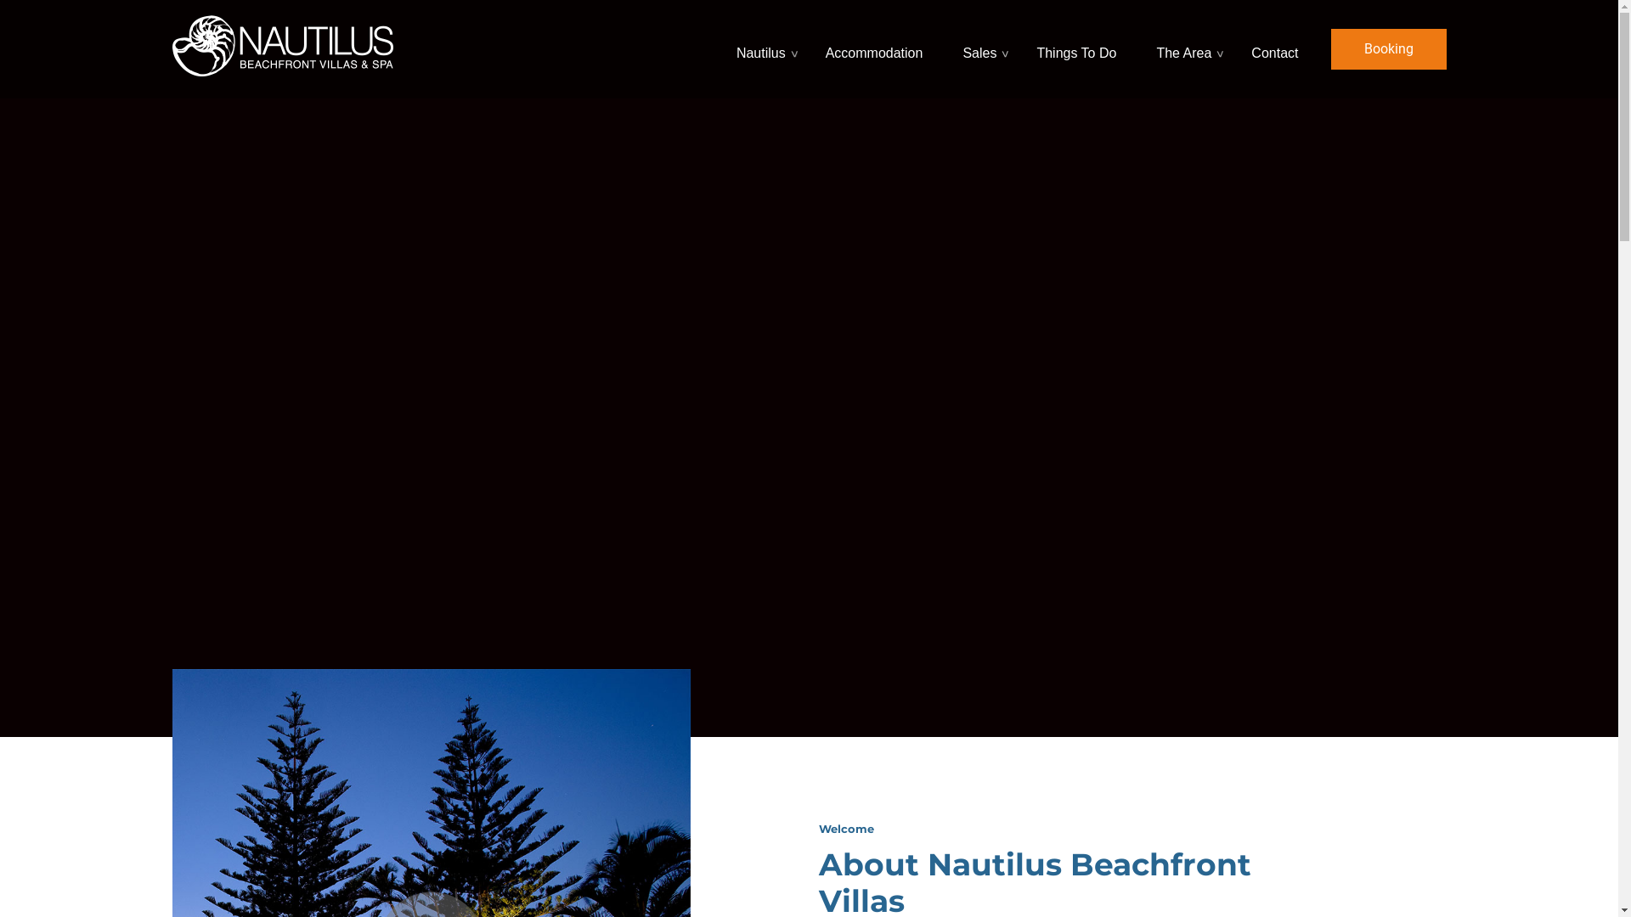  I want to click on 'Accommodation', so click(877, 48).